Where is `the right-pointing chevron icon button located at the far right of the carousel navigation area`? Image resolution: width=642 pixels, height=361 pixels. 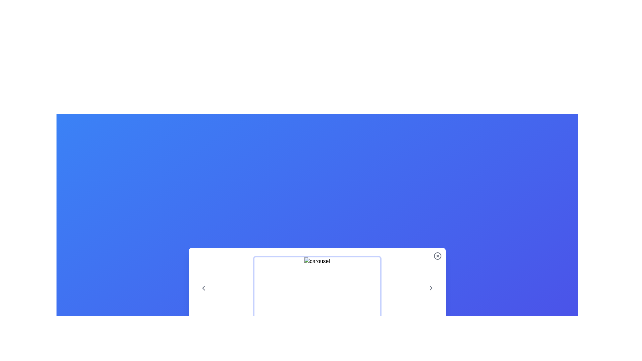
the right-pointing chevron icon button located at the far right of the carousel navigation area is located at coordinates (431, 287).